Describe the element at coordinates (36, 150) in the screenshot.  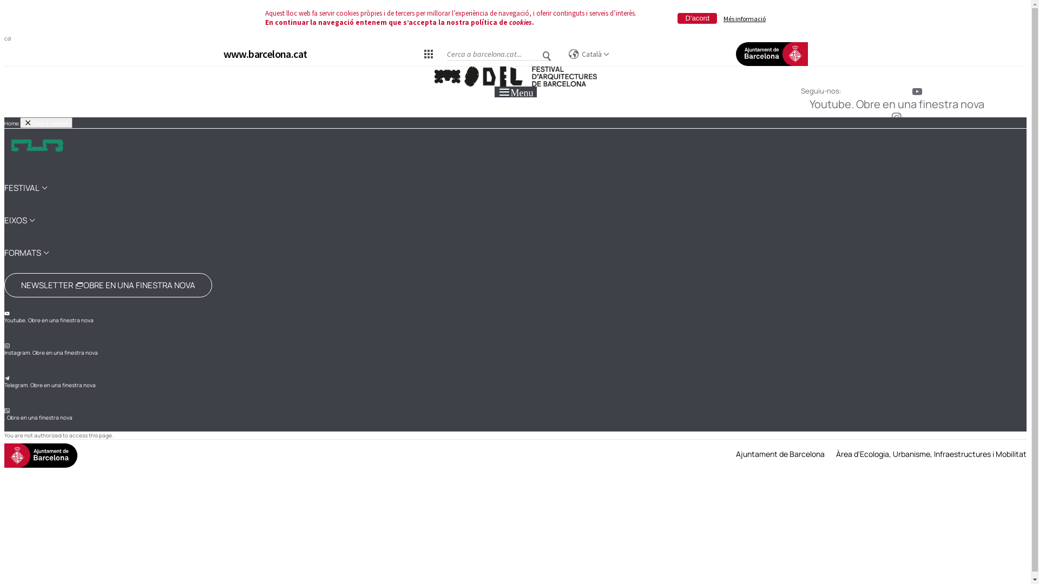
I see `'HOME'` at that location.